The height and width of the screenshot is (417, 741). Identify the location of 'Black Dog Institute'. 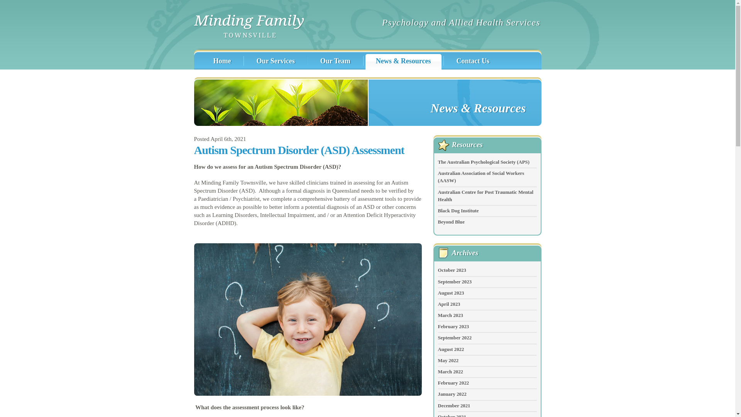
(437, 211).